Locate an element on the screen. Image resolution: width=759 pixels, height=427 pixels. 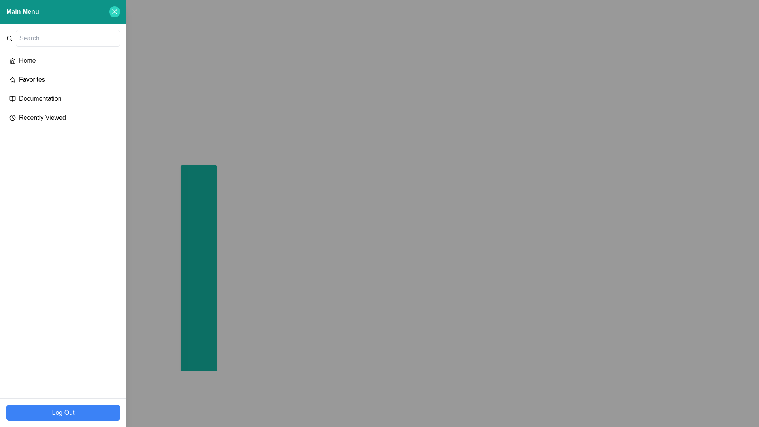
the 'X' icon button is located at coordinates (114, 12).